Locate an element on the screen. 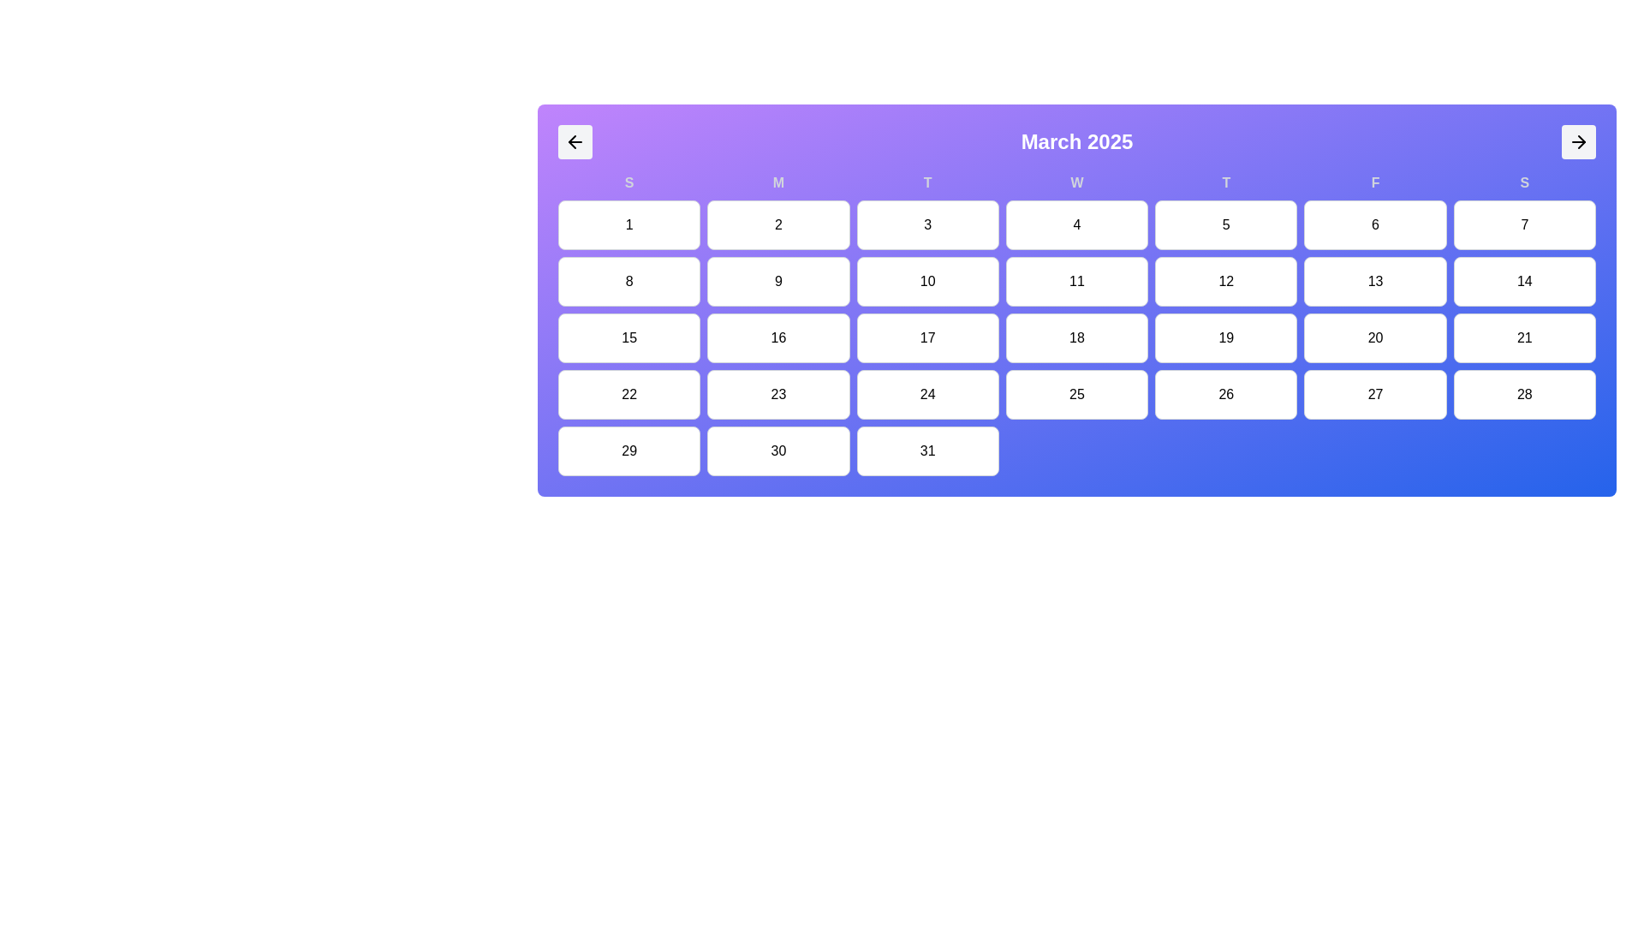  the second day button in the calendar view, which is located between the buttons labeled '1' and '3' is located at coordinates (777, 224).